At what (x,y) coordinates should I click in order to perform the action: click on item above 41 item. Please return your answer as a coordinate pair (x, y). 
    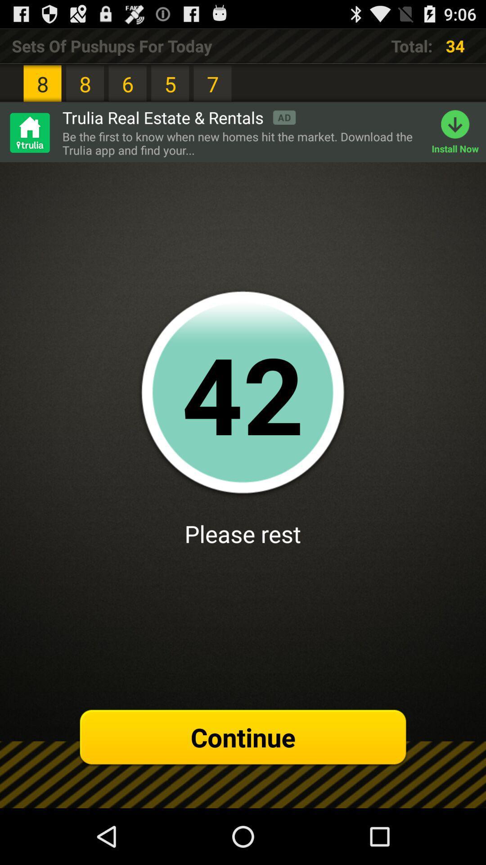
    Looking at the image, I should click on (242, 143).